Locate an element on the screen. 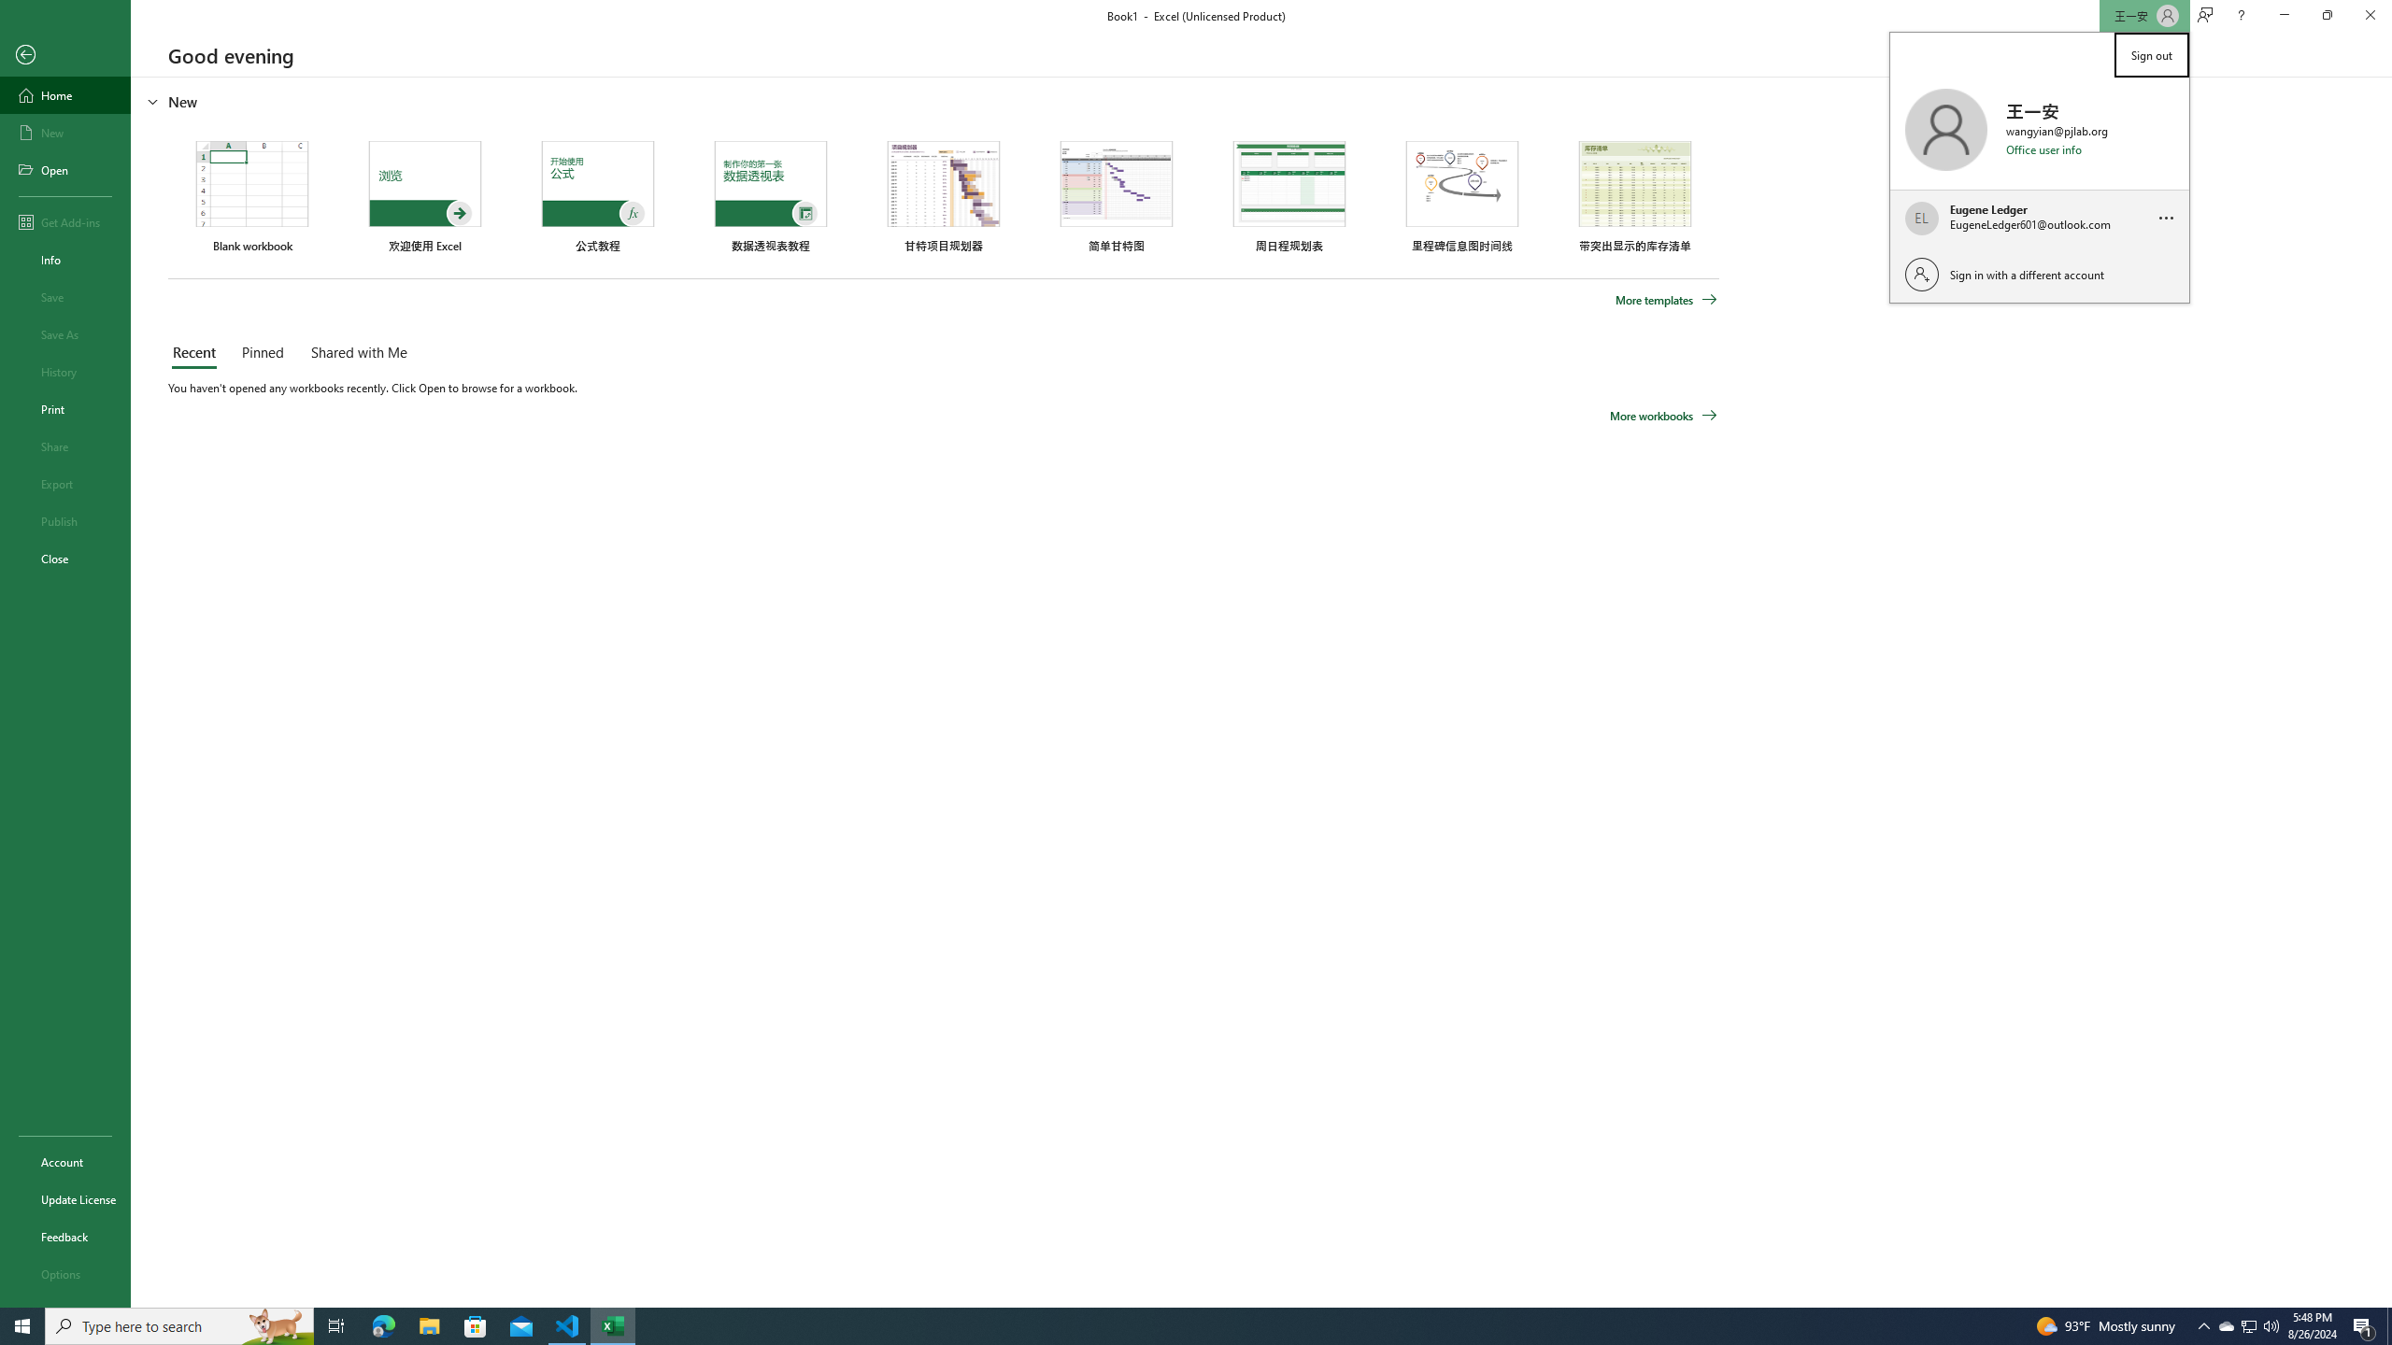  'Show desktop' is located at coordinates (2388, 1324).